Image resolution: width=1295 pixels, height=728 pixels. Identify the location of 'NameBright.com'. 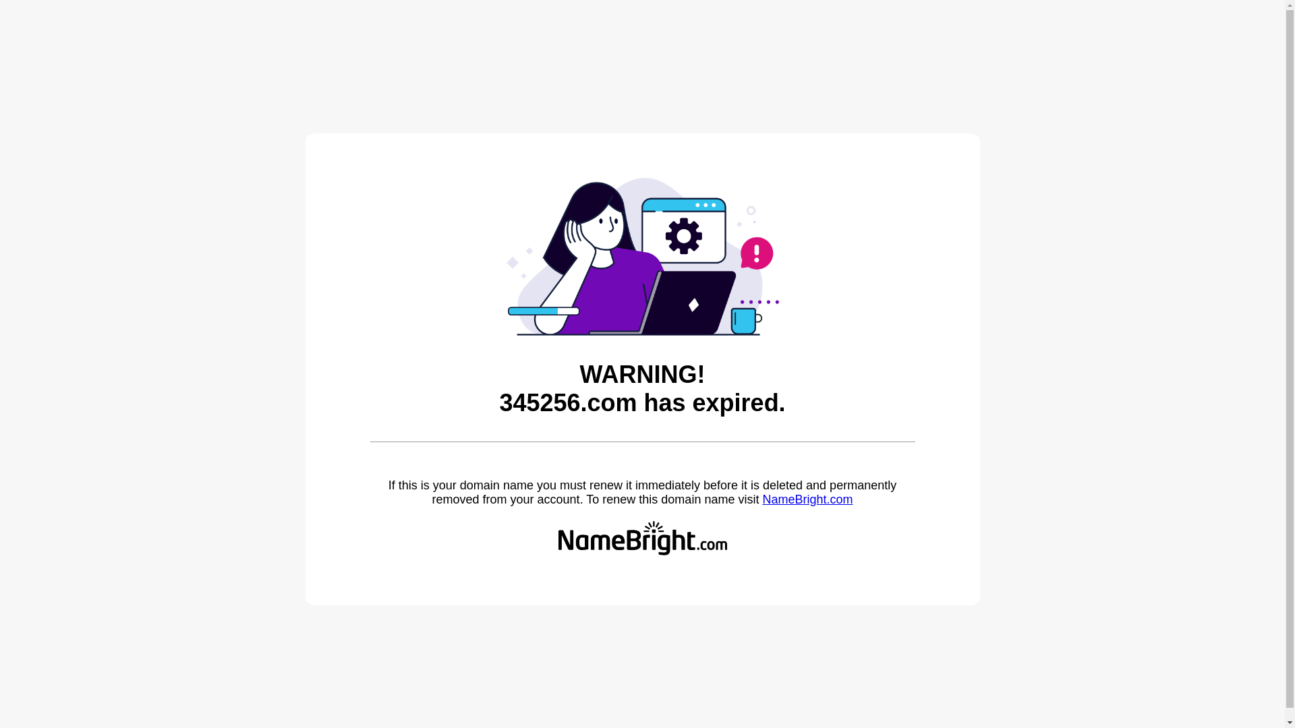
(807, 499).